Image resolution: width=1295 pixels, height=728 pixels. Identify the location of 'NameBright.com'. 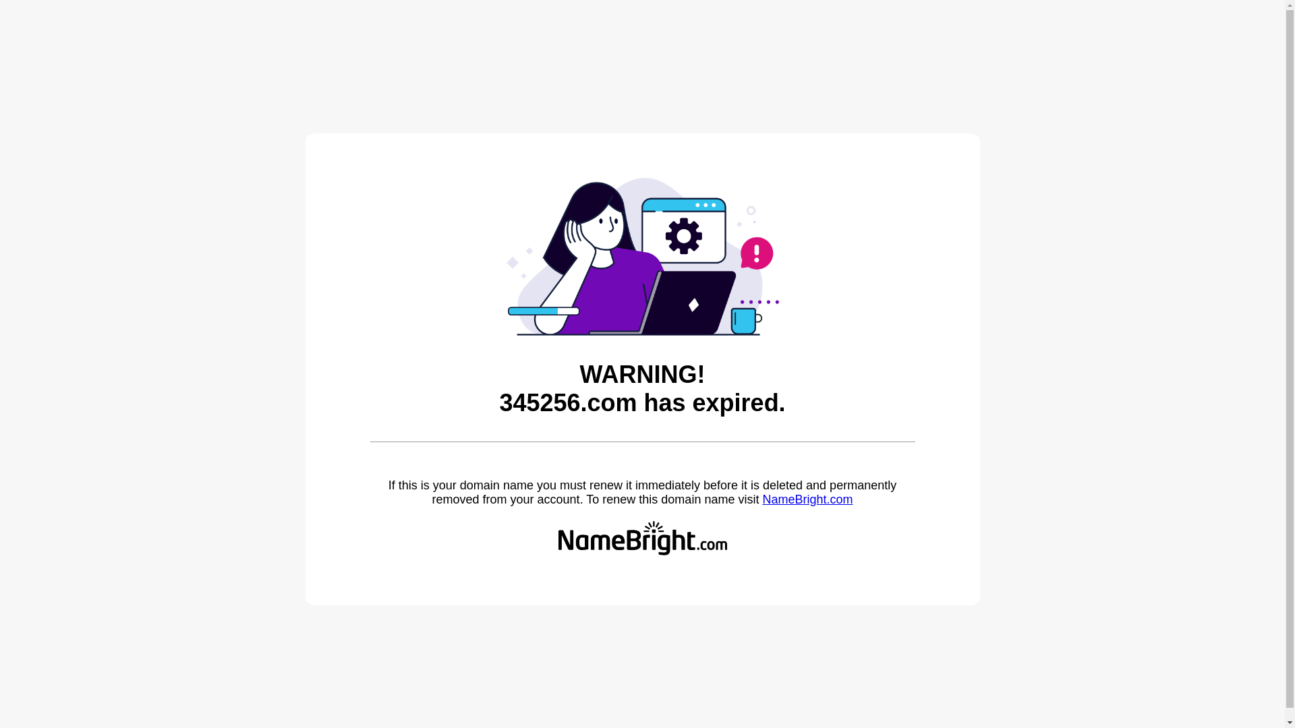
(807, 499).